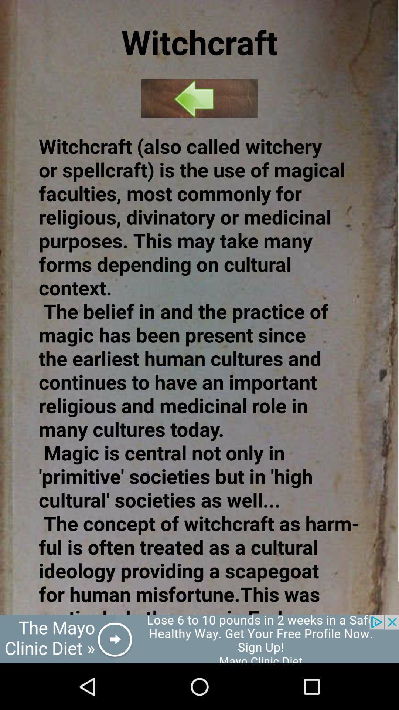  What do you see at coordinates (199, 98) in the screenshot?
I see `previous page` at bounding box center [199, 98].